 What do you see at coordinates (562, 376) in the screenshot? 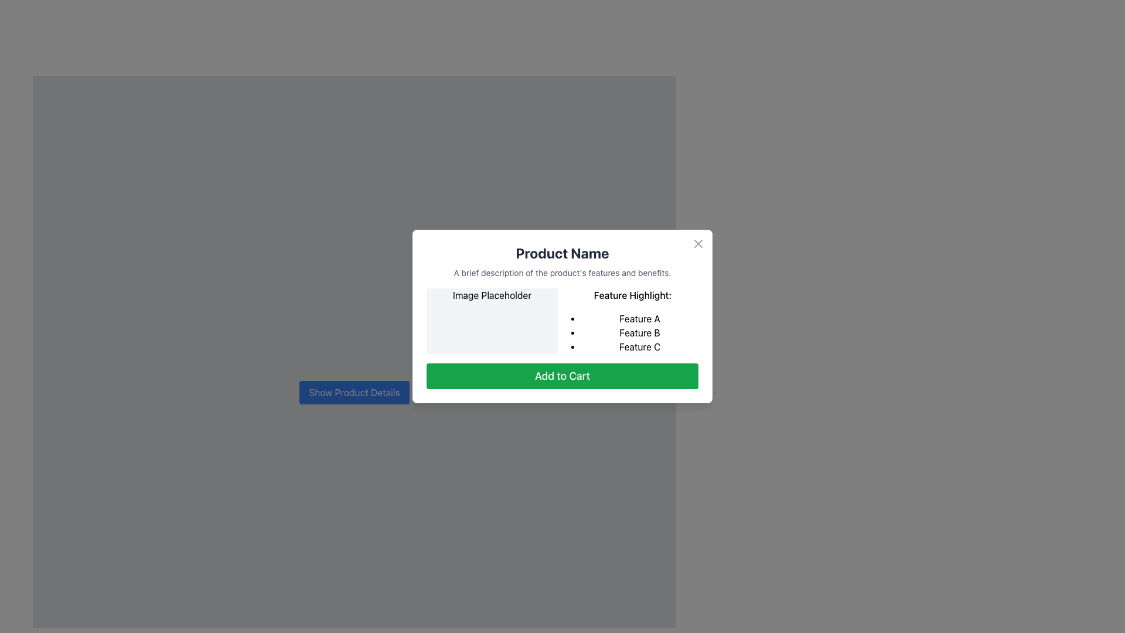
I see `the button at the bottom of the modal` at bounding box center [562, 376].